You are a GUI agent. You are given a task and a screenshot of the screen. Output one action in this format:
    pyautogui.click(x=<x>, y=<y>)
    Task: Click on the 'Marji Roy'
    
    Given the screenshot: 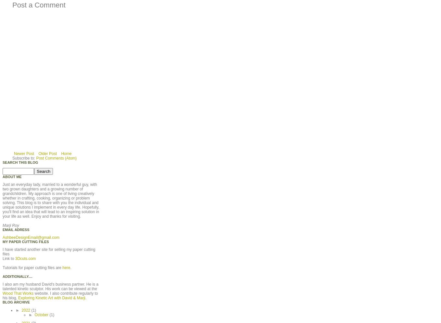 What is the action you would take?
    pyautogui.click(x=10, y=225)
    